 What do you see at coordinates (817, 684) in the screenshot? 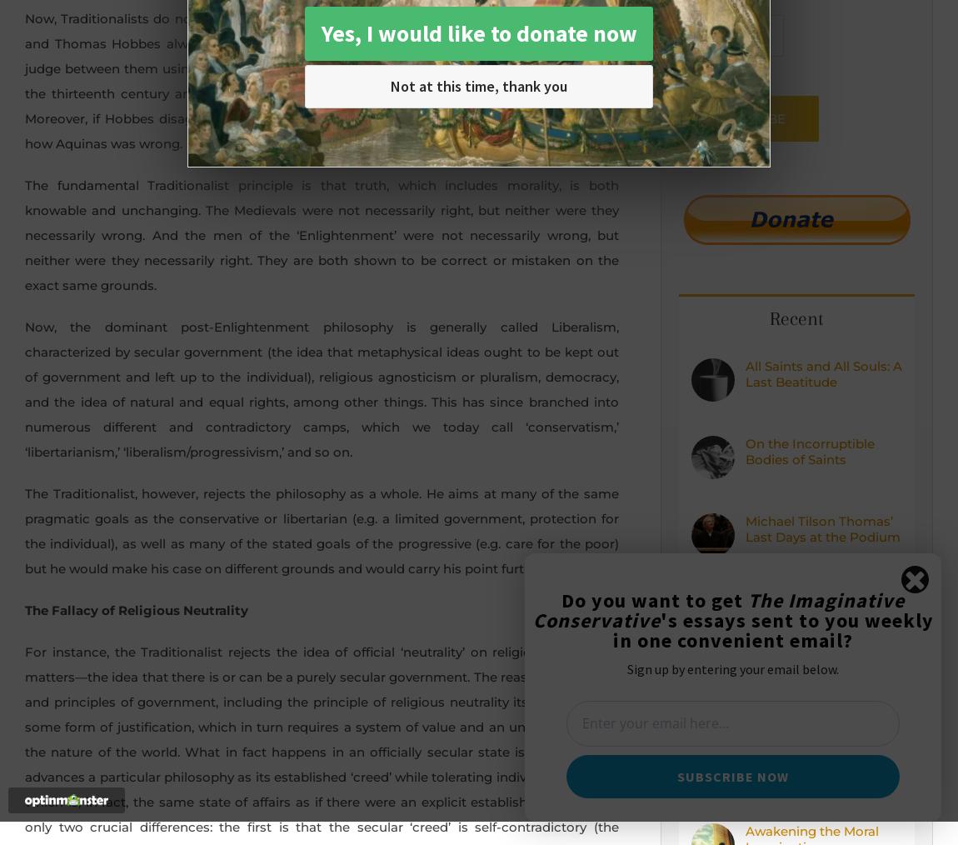
I see `'All Hallow’s Eve: A Sonnet of Reclamation'` at bounding box center [817, 684].